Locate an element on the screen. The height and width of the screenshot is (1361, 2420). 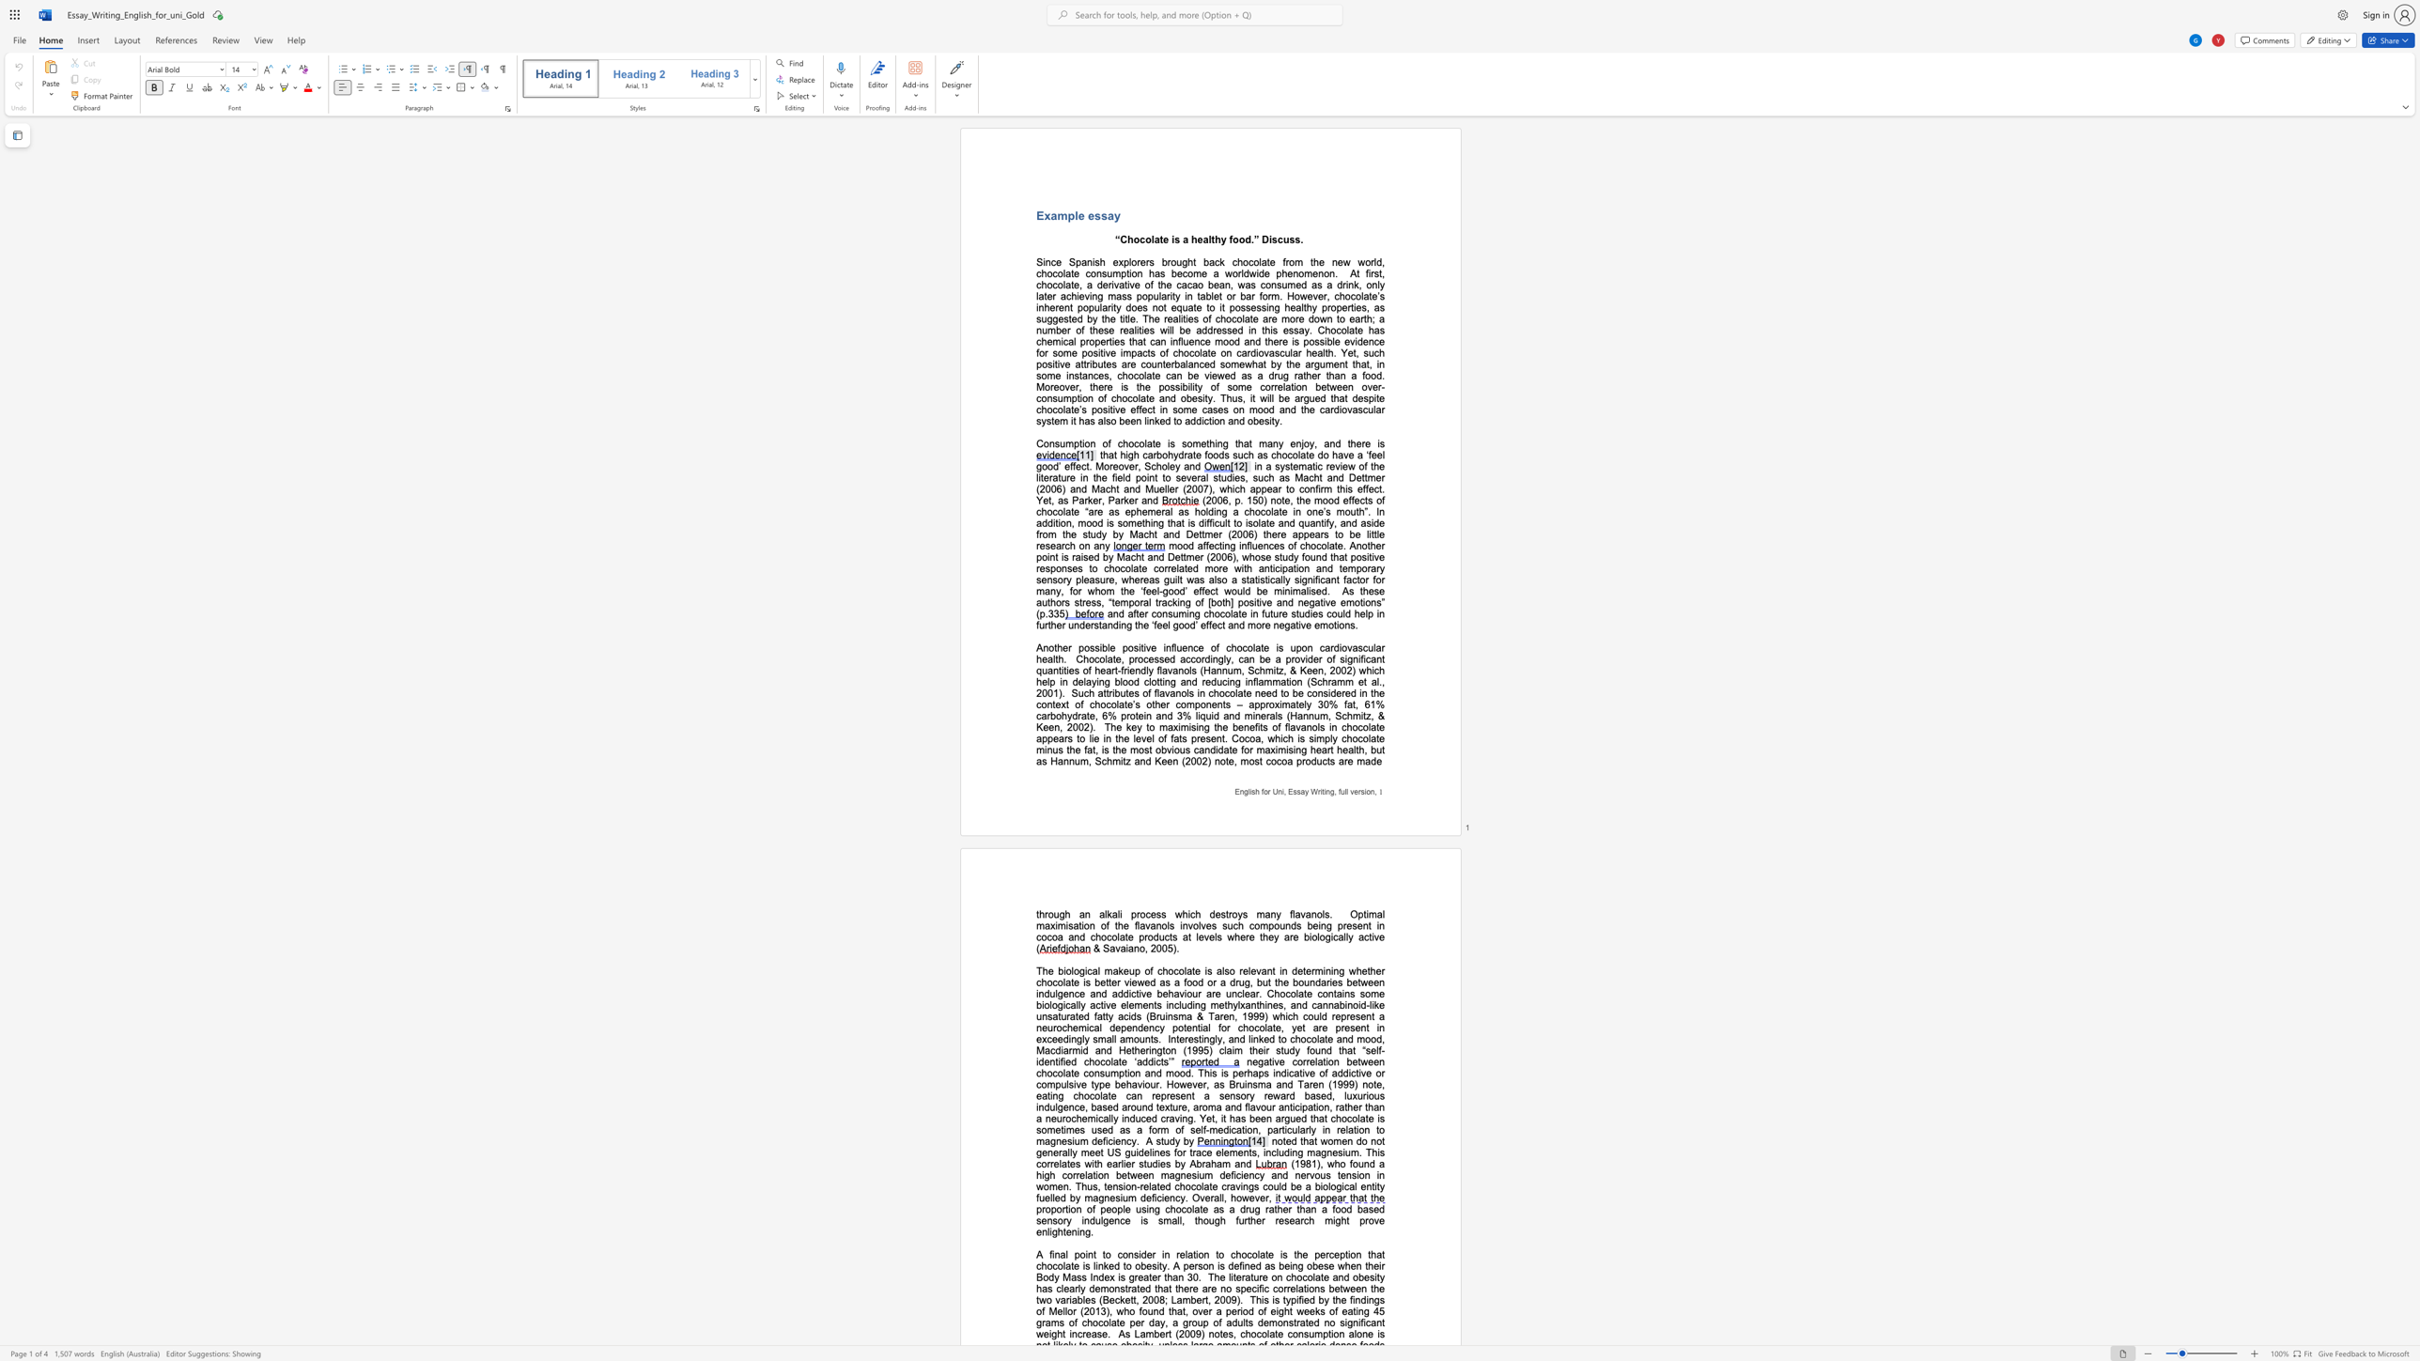
the subset text "rall" within the text "generally meet" is located at coordinates (1059, 1152).